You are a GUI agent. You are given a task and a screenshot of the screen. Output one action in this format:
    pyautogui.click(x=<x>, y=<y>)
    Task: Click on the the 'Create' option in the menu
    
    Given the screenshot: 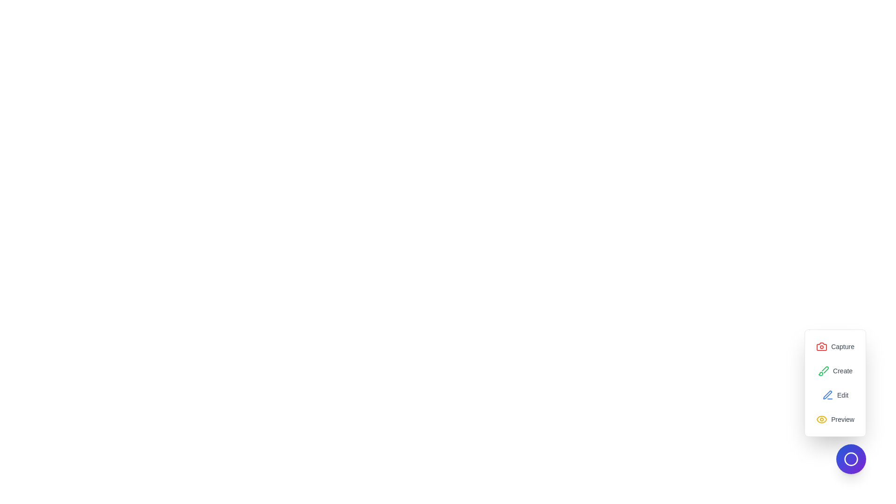 What is the action you would take?
    pyautogui.click(x=835, y=370)
    